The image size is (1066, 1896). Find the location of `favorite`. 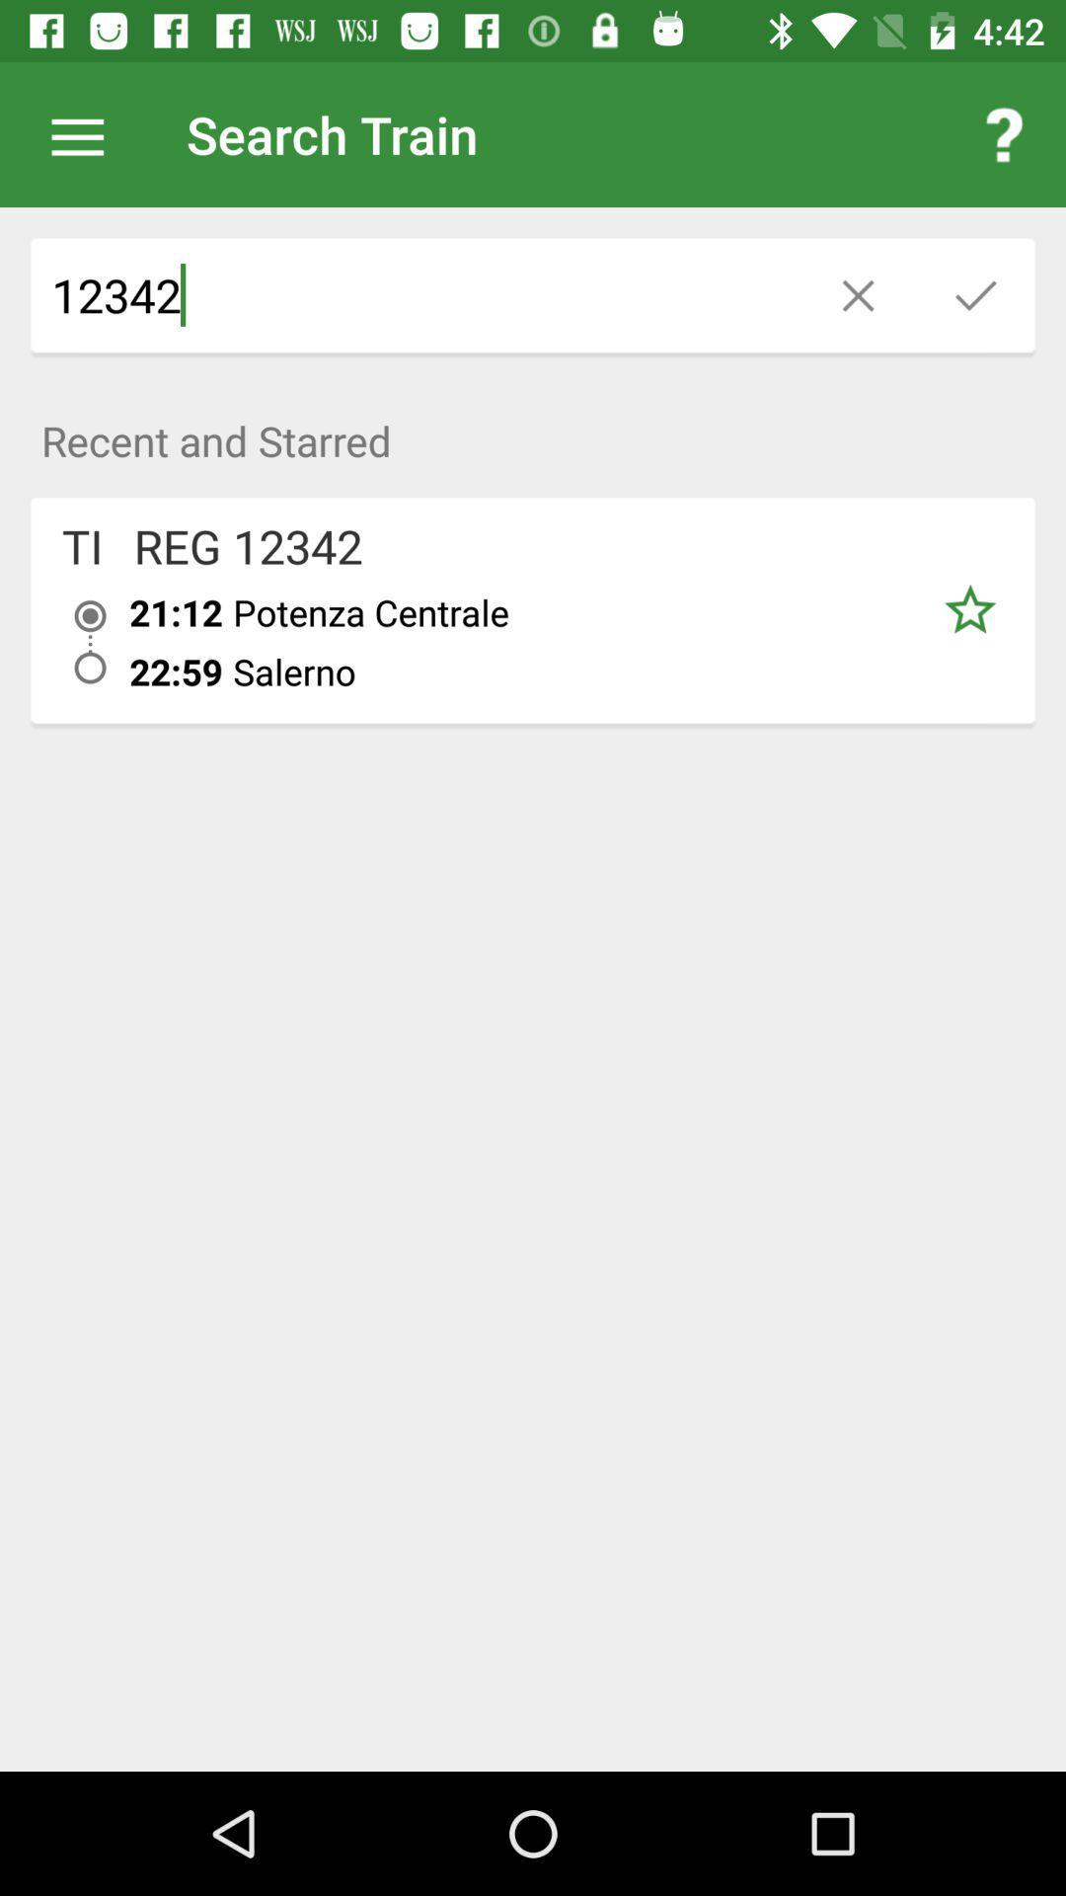

favorite is located at coordinates (968, 609).